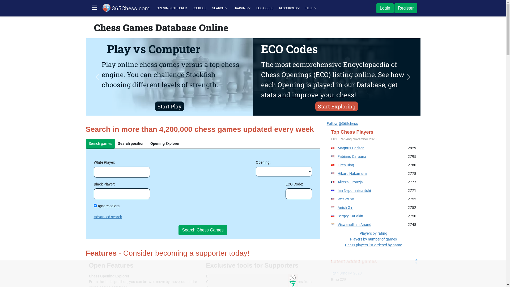  Describe the element at coordinates (346, 165) in the screenshot. I see `'Liren Ding'` at that location.